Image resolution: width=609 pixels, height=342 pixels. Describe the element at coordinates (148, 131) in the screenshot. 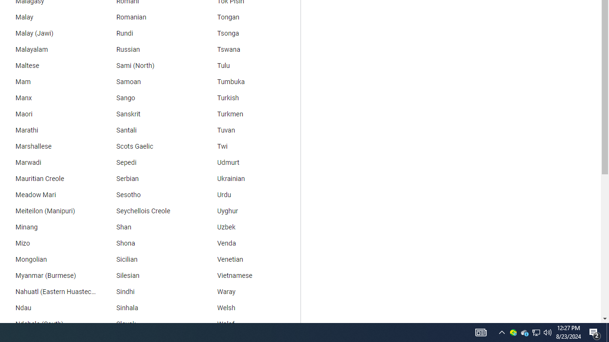

I see `'Santali'` at that location.